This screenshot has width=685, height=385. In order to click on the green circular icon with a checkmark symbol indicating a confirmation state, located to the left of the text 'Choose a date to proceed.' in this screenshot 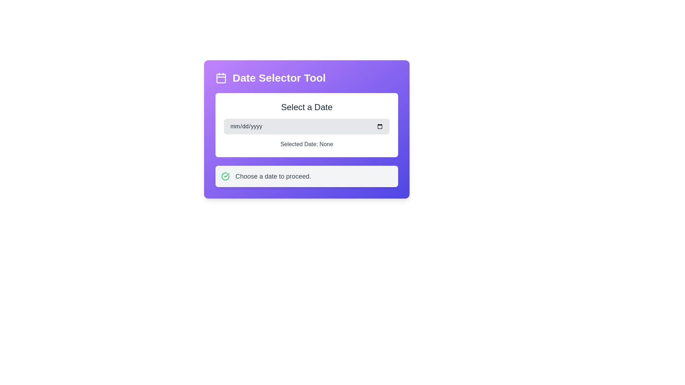, I will do `click(225, 176)`.